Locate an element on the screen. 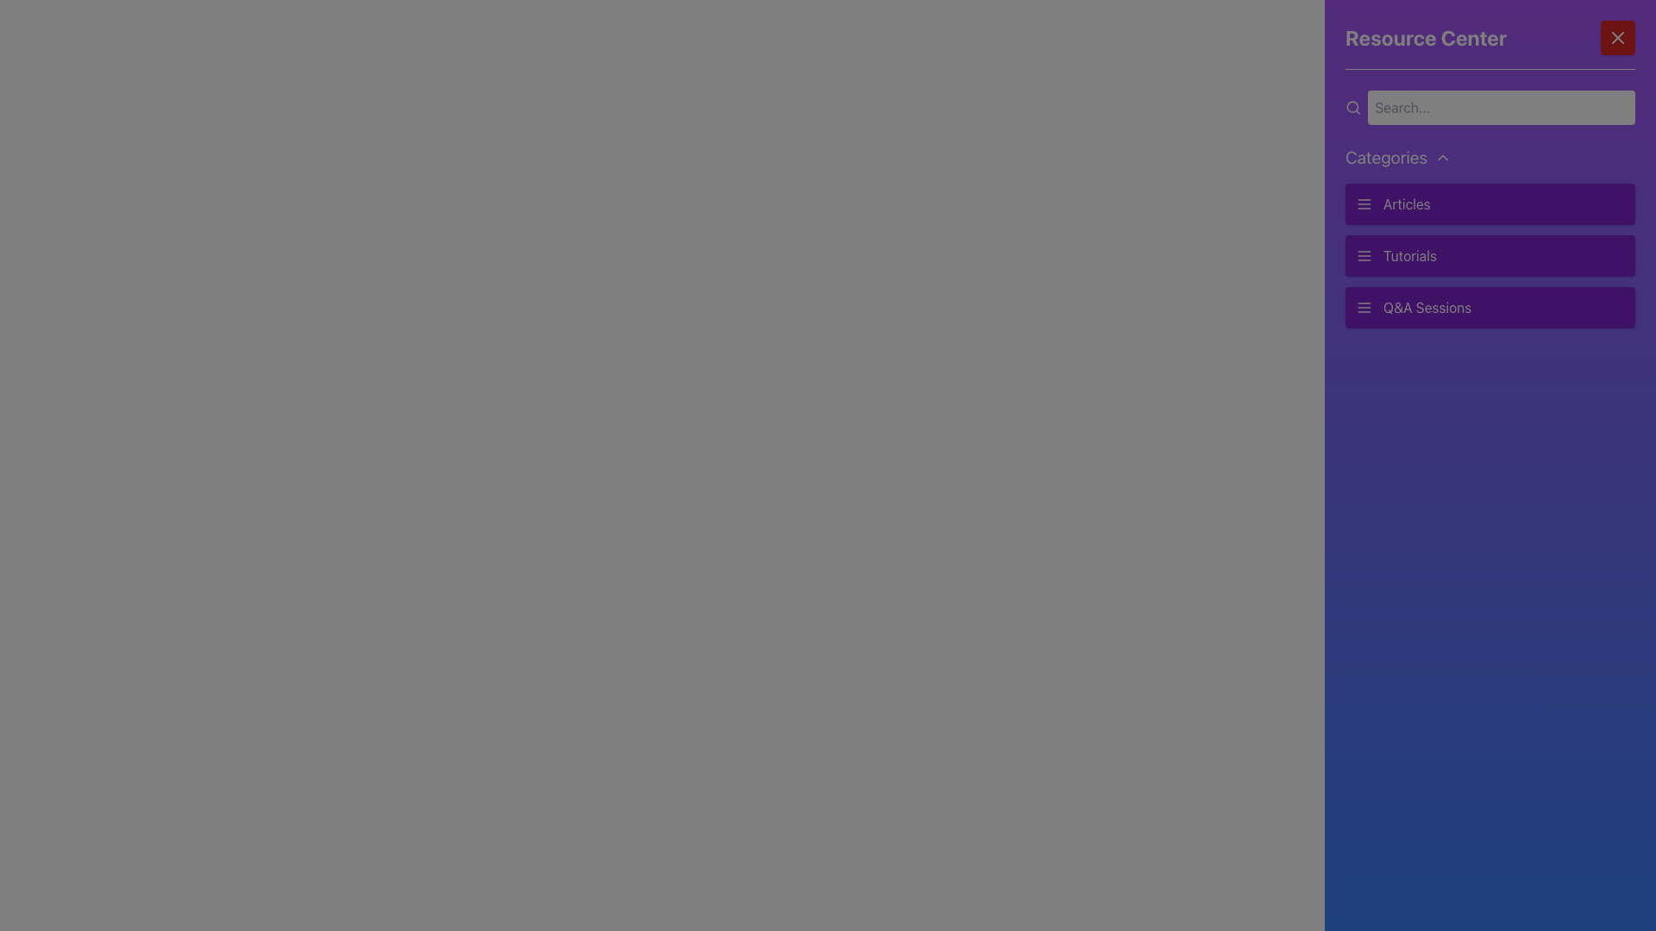 Image resolution: width=1656 pixels, height=931 pixels. the 'X' icon button located in the upper-right corner of the purple sidebar panel next to the title 'Resource Center' is located at coordinates (1617, 37).